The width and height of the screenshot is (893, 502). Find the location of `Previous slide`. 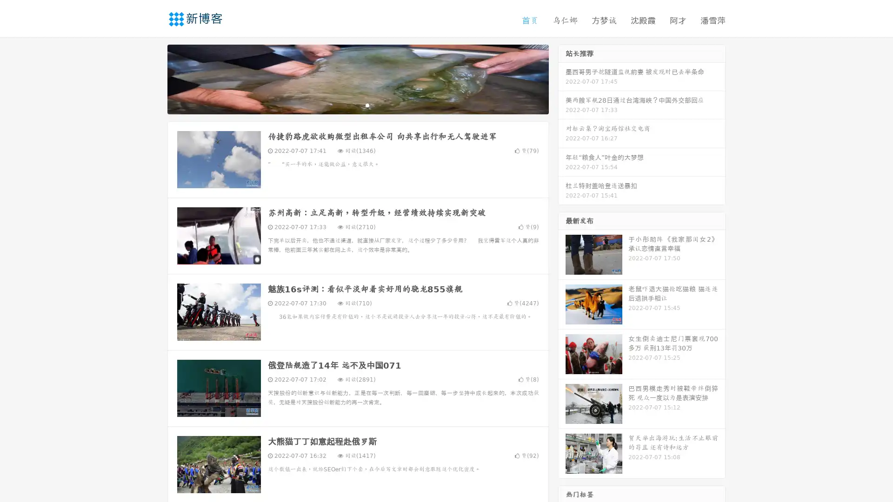

Previous slide is located at coordinates (153, 78).